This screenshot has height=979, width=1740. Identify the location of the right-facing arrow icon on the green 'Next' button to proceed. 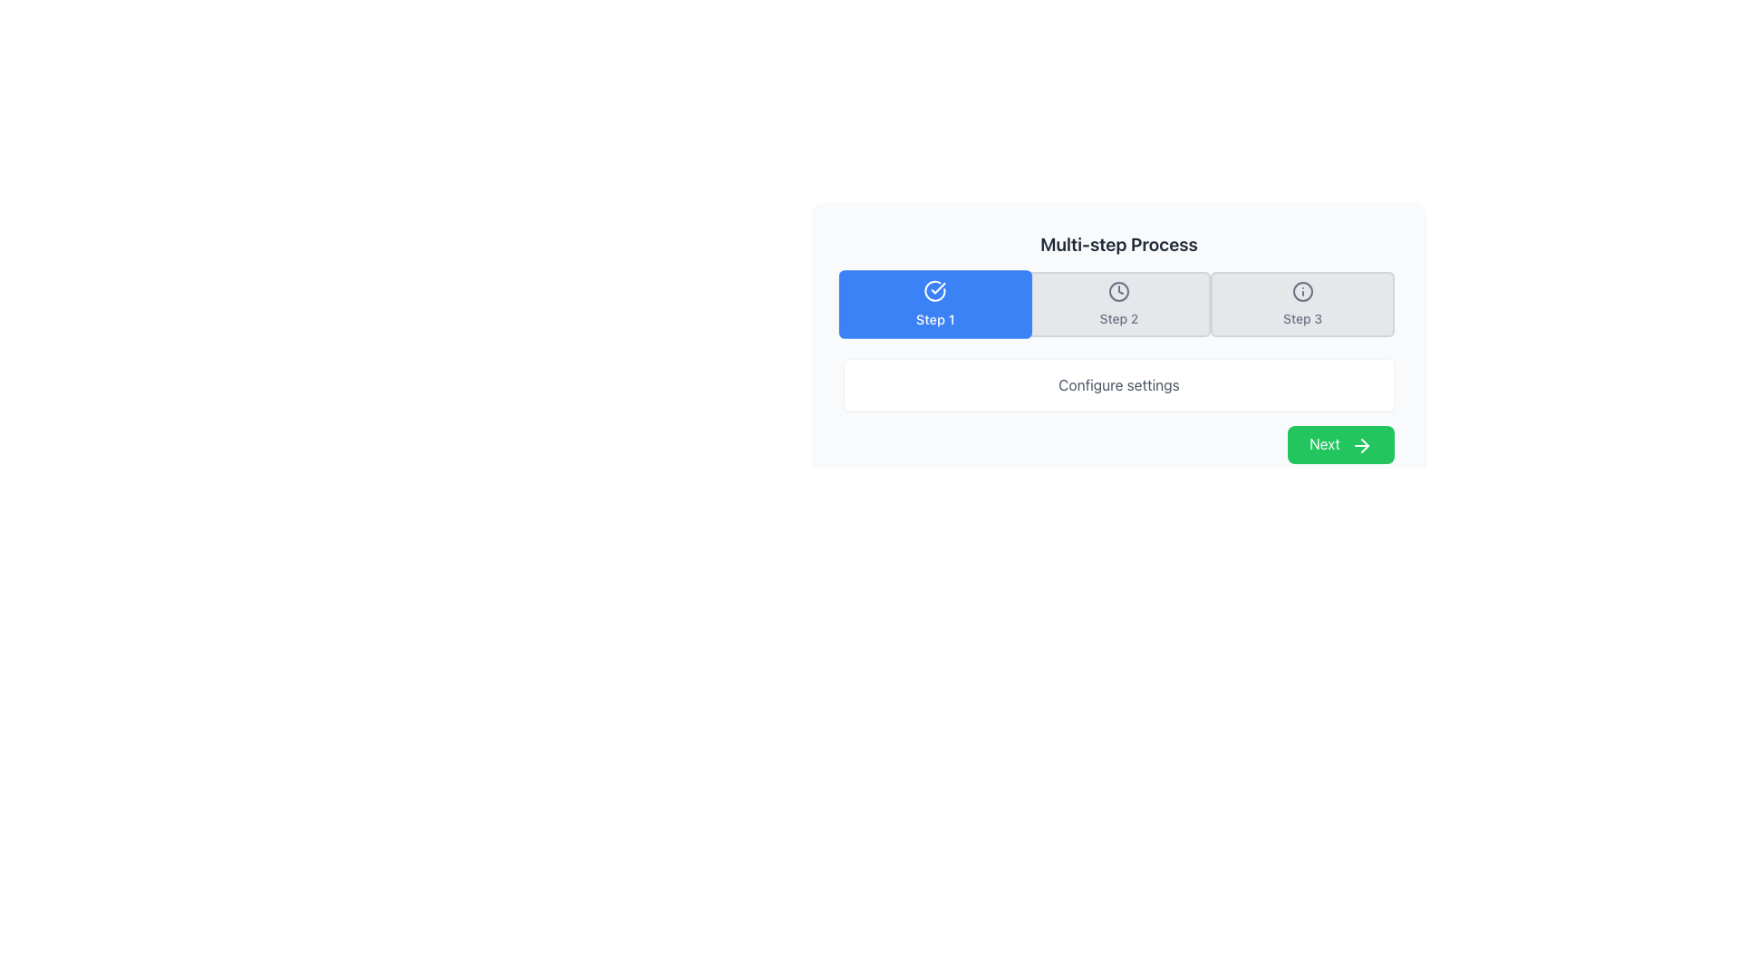
(1361, 444).